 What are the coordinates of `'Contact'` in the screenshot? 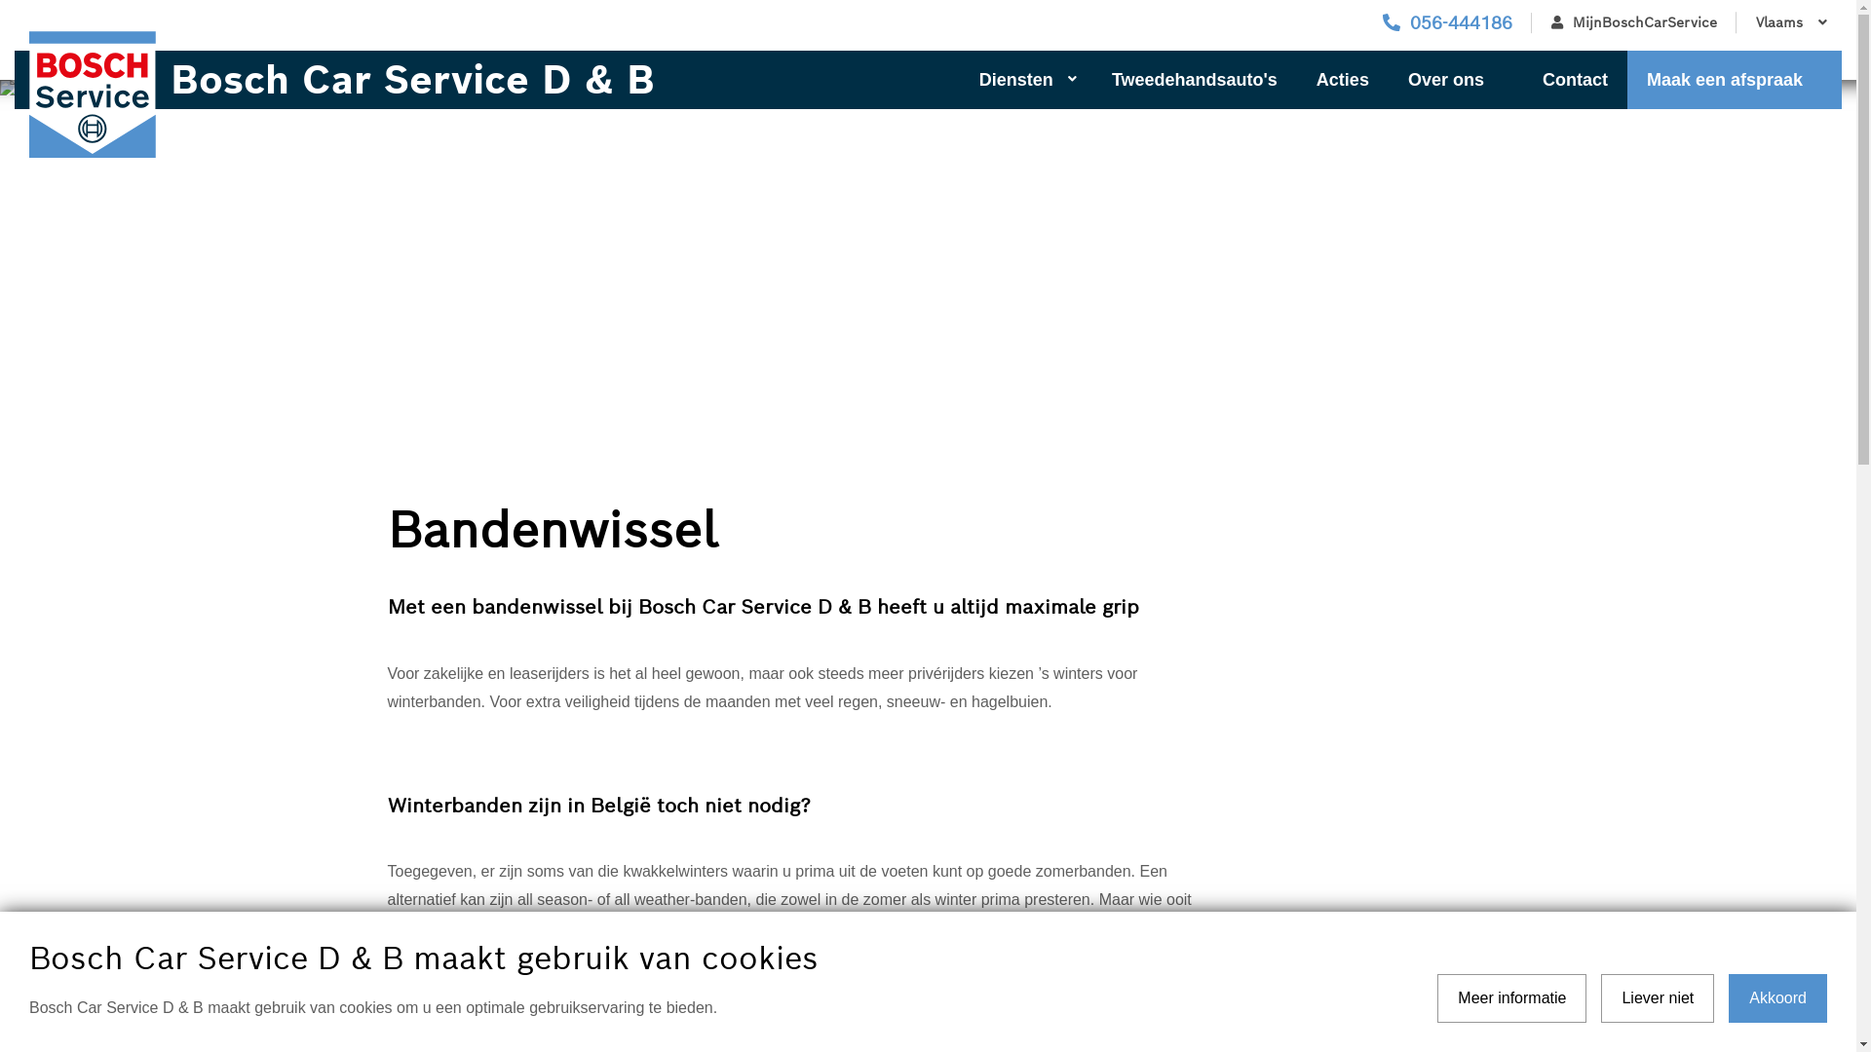 It's located at (1575, 78).